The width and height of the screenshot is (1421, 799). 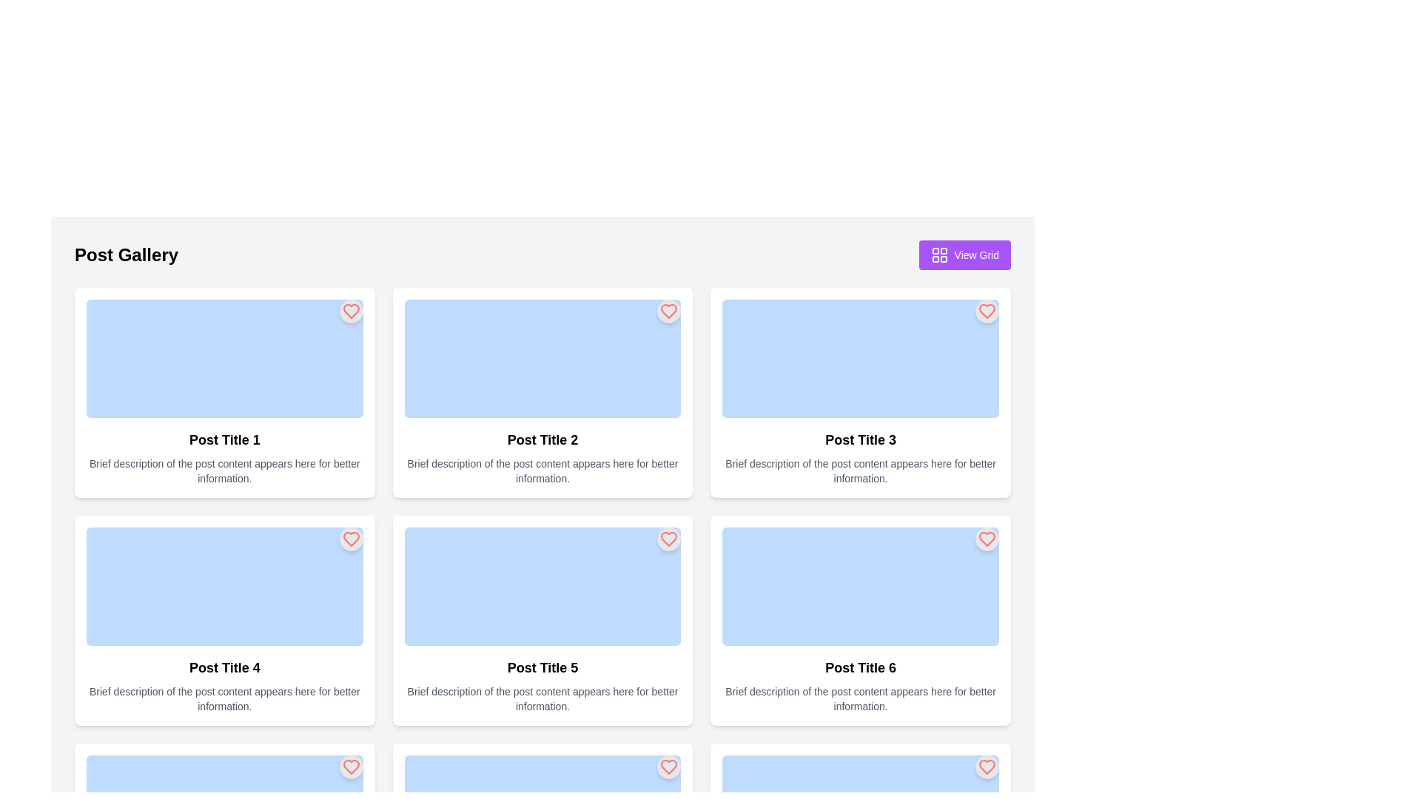 I want to click on the 'like' icon button in the top-right corner of the card titled 'Post Title 2', so click(x=668, y=310).